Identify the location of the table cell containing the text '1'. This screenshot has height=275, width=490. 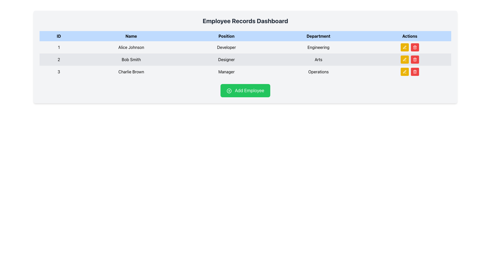
(59, 47).